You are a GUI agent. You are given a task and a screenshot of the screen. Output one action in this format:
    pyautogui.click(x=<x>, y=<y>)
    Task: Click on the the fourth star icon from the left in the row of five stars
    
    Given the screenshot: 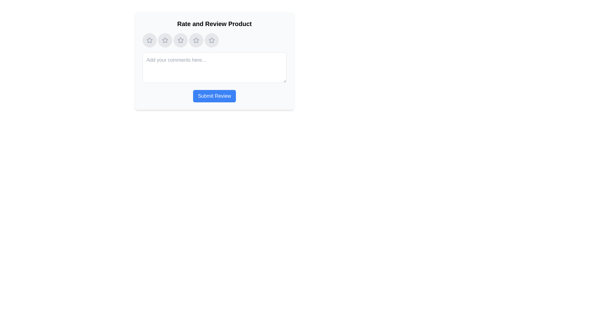 What is the action you would take?
    pyautogui.click(x=196, y=40)
    